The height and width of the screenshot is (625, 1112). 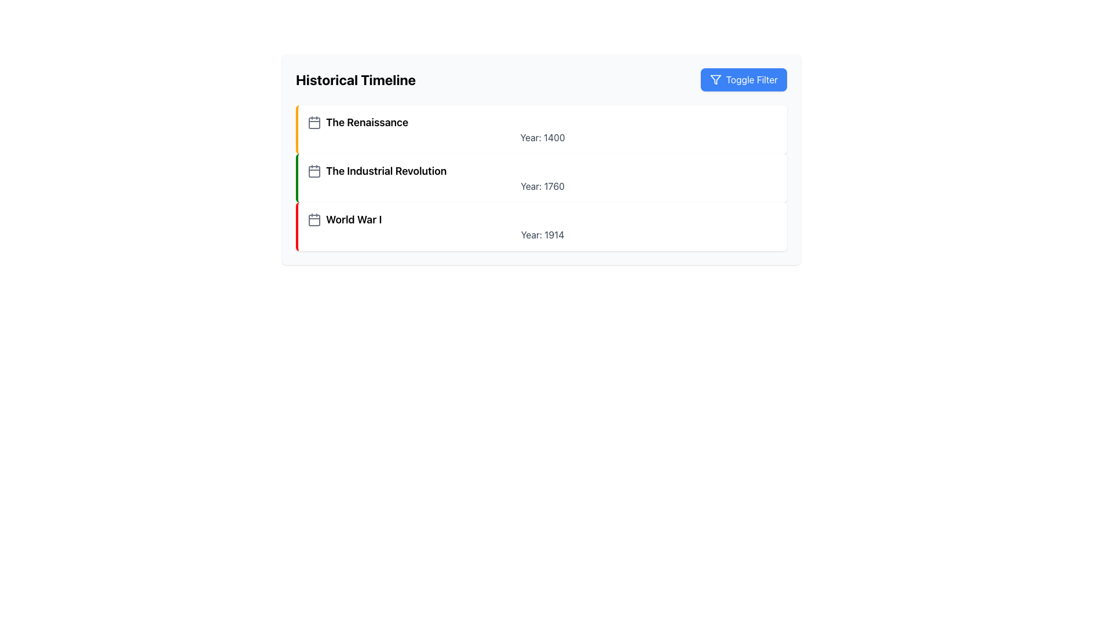 I want to click on the calendar icon representing date or time-related information associated with 'The Renaissance', located at the beginning of the row, so click(x=314, y=123).